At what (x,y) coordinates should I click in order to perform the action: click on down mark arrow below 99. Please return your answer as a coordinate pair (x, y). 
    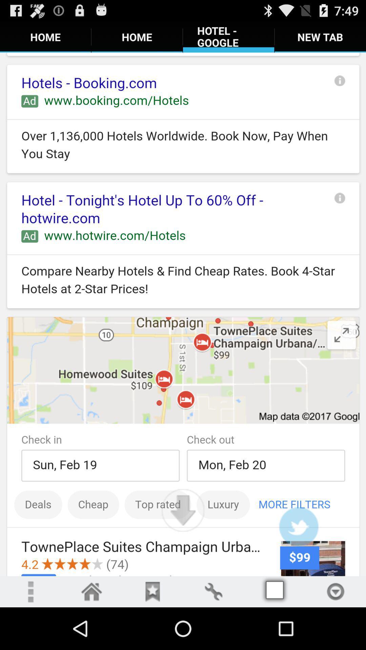
    Looking at the image, I should click on (335, 591).